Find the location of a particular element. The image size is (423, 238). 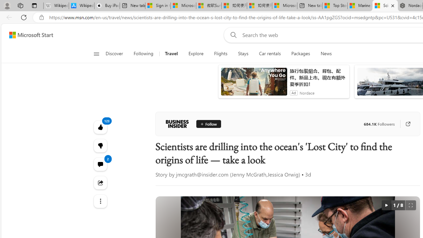

'Car rentals' is located at coordinates (270, 54).